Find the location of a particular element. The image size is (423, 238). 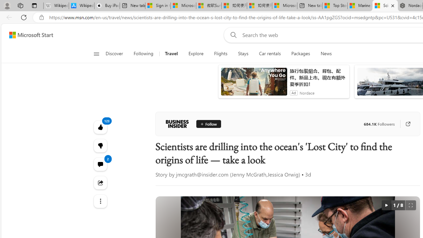

'Car rentals' is located at coordinates (270, 54).